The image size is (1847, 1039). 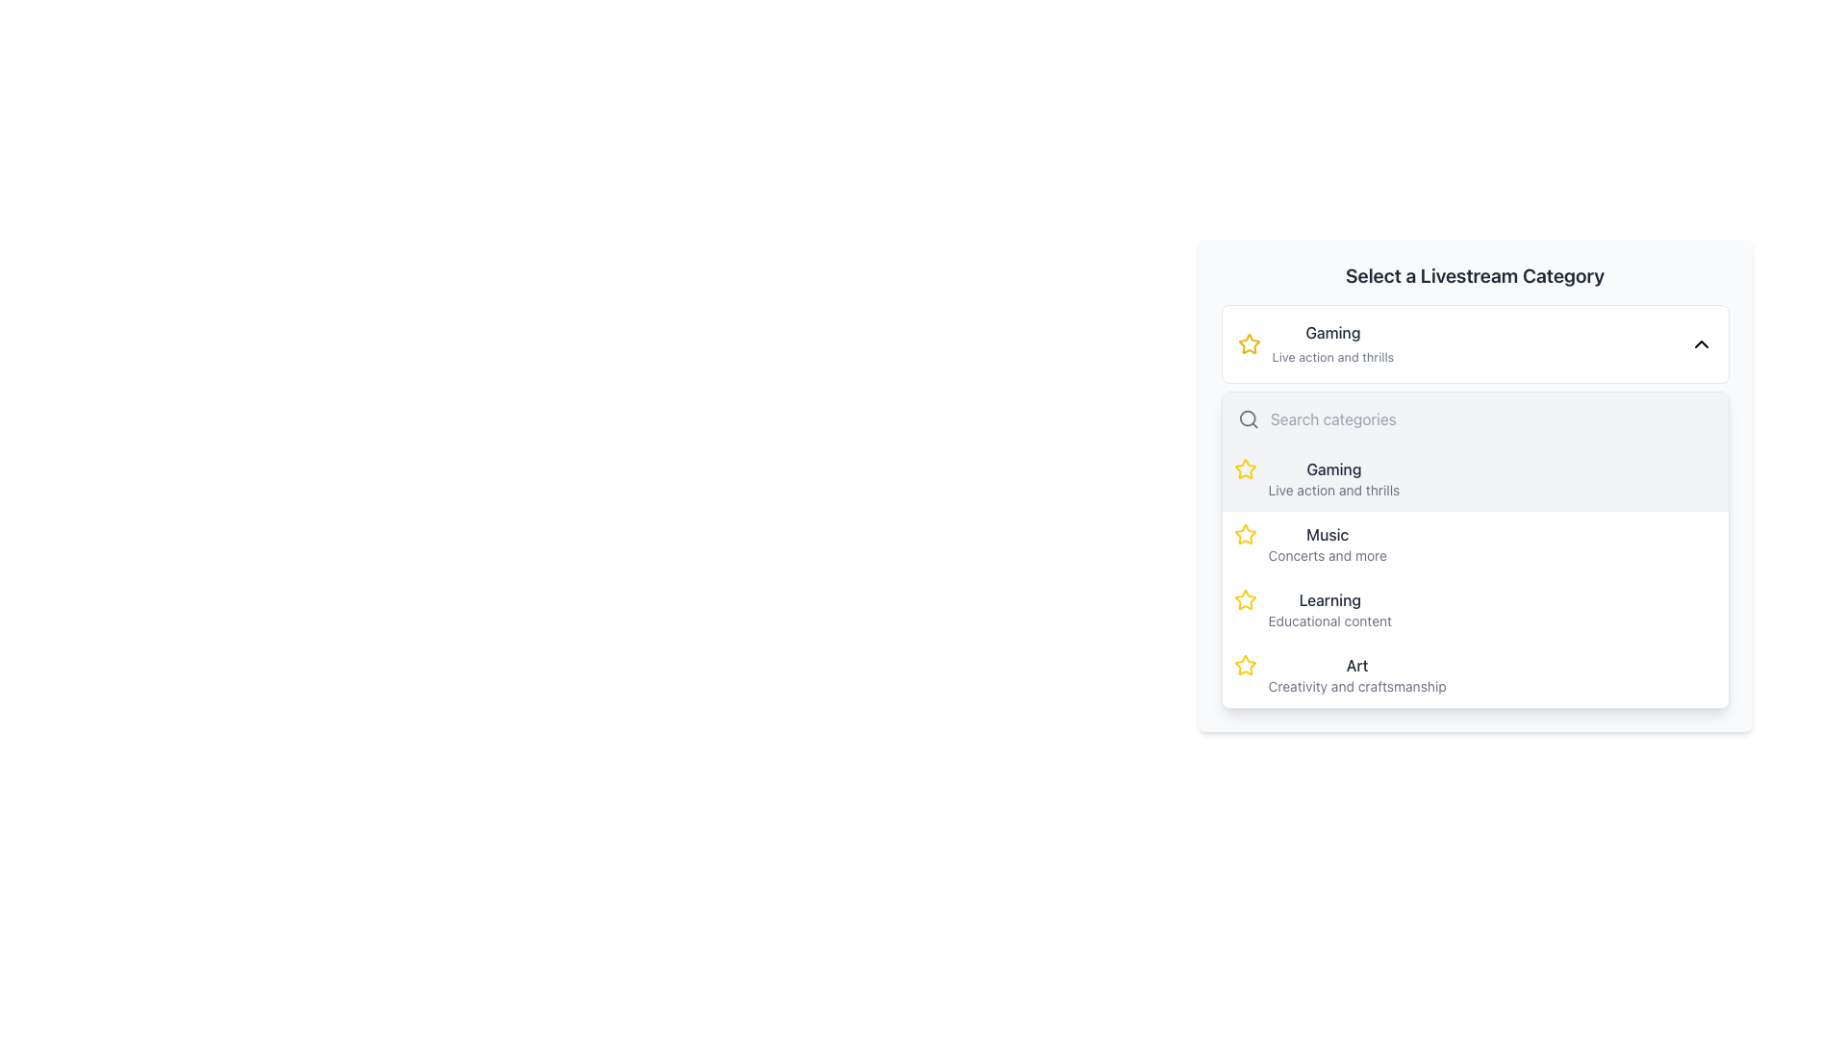 I want to click on the yellow star icon in the fourth position of the dropdown menu labeled 'Art - Creativity and craftsmanship.', so click(x=1245, y=664).